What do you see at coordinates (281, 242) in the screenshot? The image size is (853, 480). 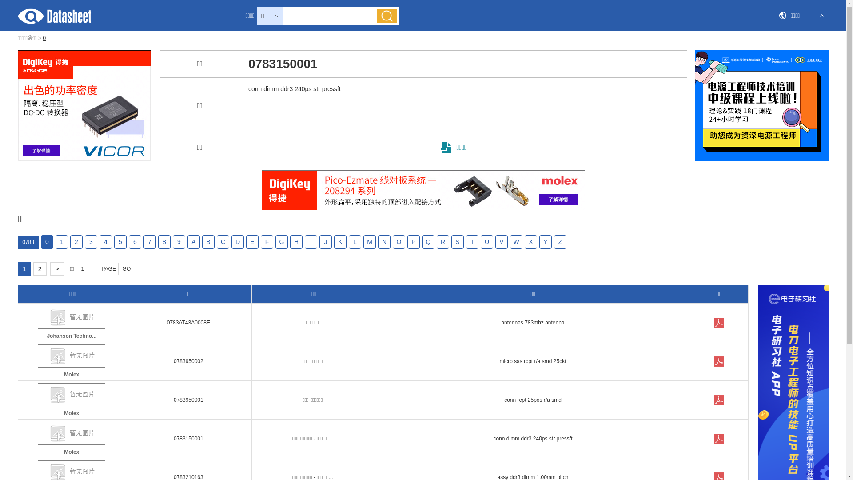 I see `'G'` at bounding box center [281, 242].